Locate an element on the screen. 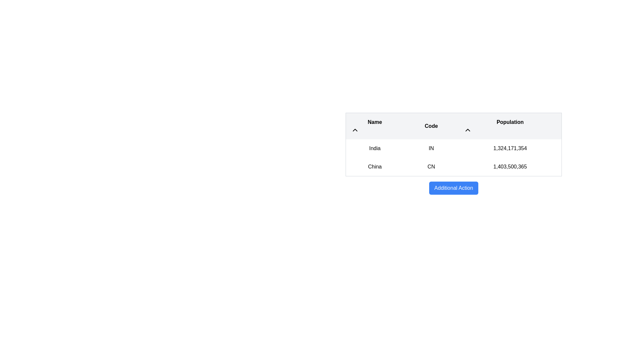 The height and width of the screenshot is (354, 629). the sortable column header for the 'Population' column to sort the data is located at coordinates (510, 126).